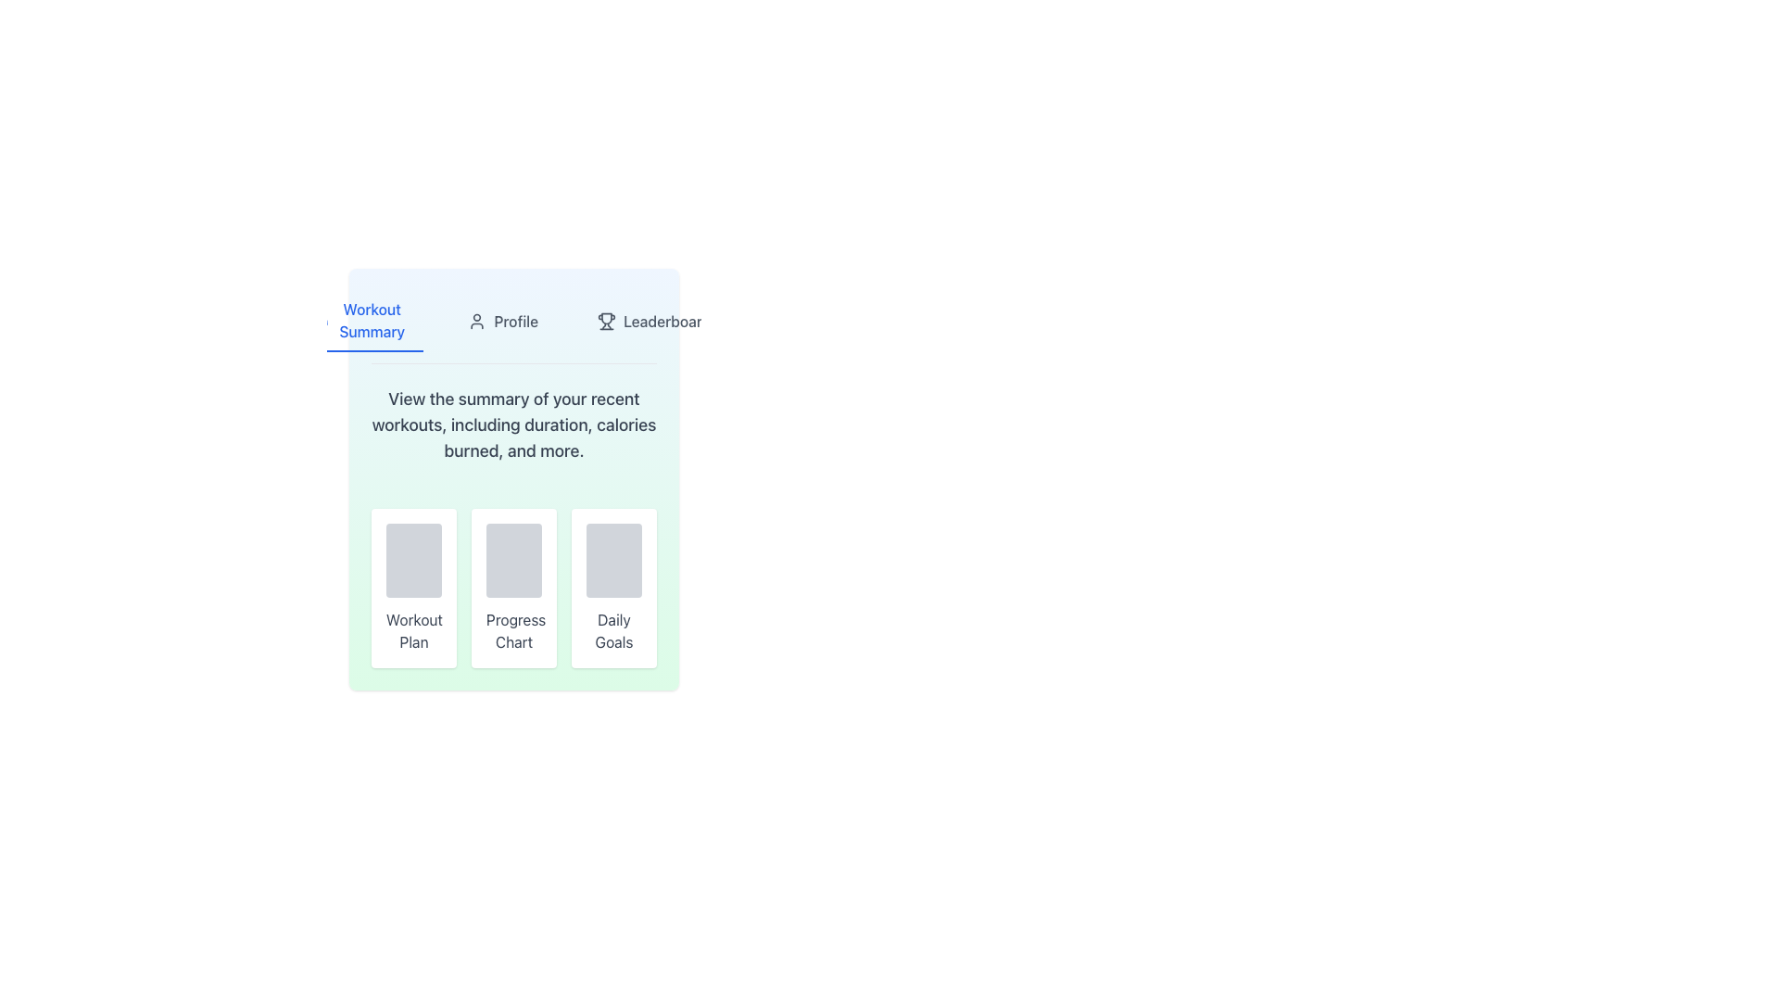 The image size is (1779, 1001). What do you see at coordinates (412, 630) in the screenshot?
I see `the 'Workout Plan' text label styled in dark gray, located in the lower-middle part of a card-like UI component` at bounding box center [412, 630].